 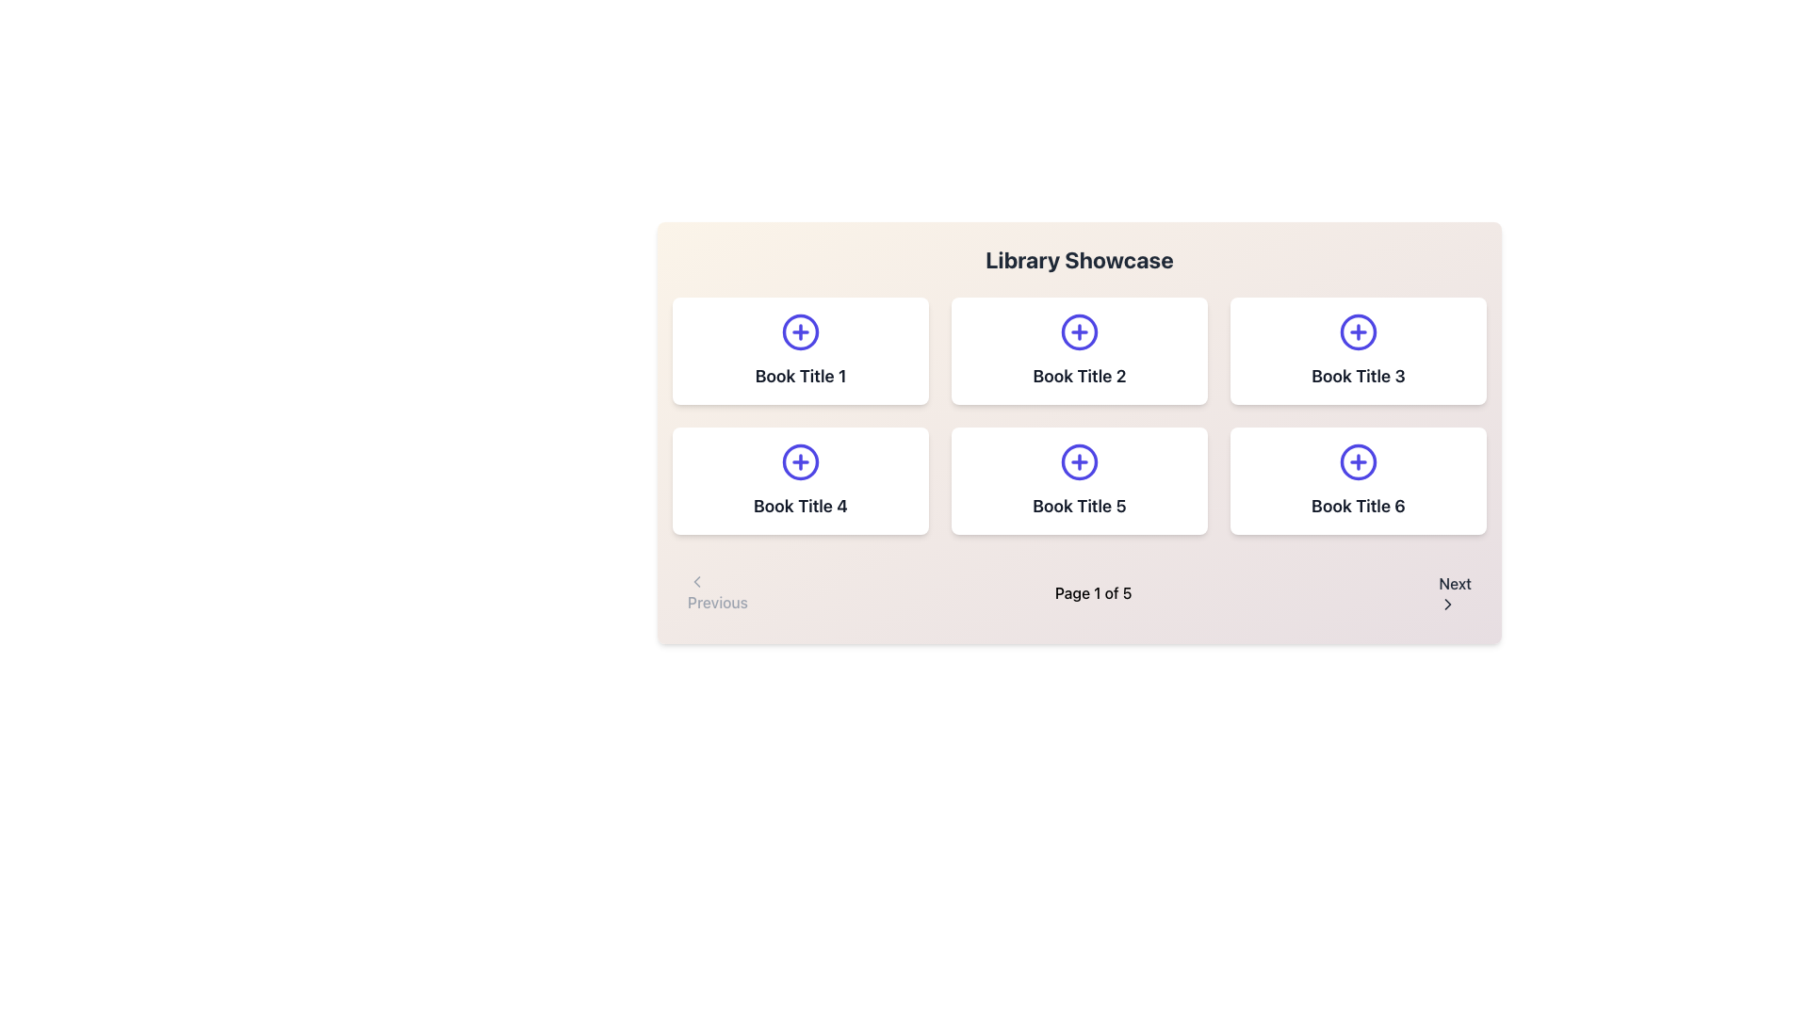 I want to click on the clickable icon button for 'Book Title 5', so click(x=1080, y=461).